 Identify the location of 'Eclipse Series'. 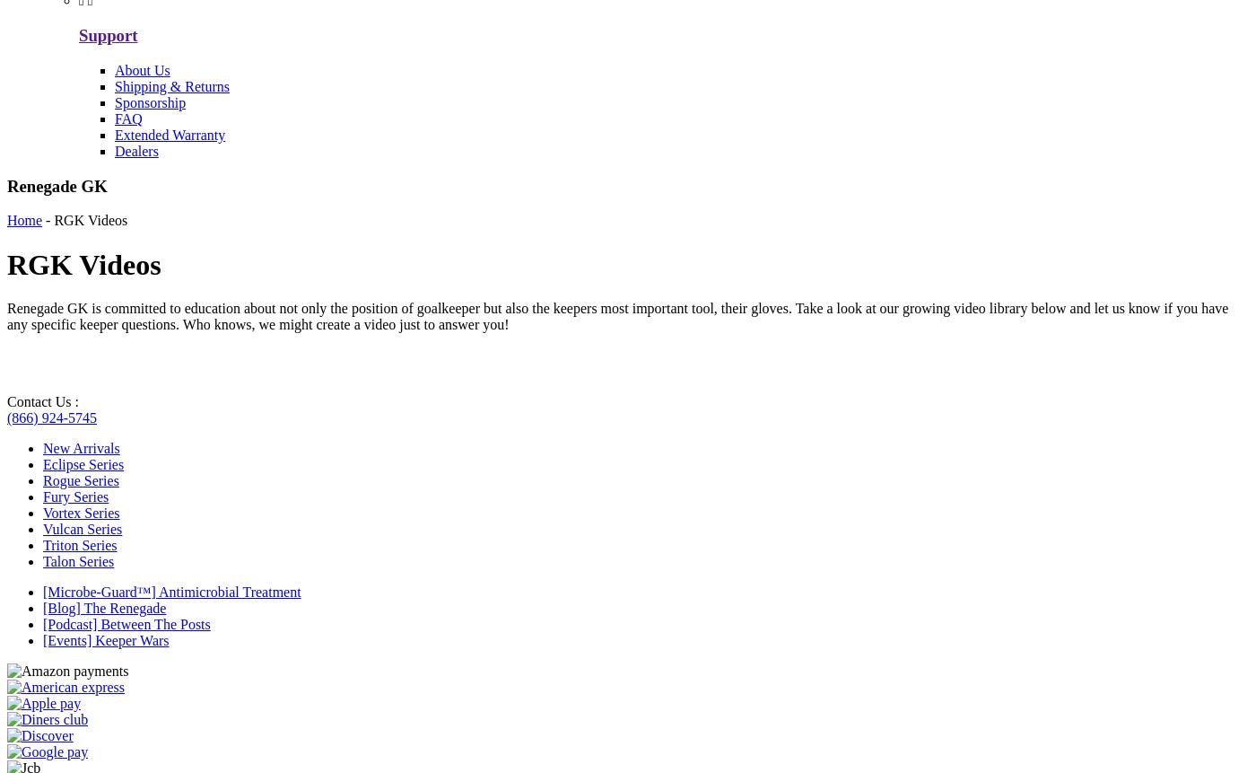
(43, 464).